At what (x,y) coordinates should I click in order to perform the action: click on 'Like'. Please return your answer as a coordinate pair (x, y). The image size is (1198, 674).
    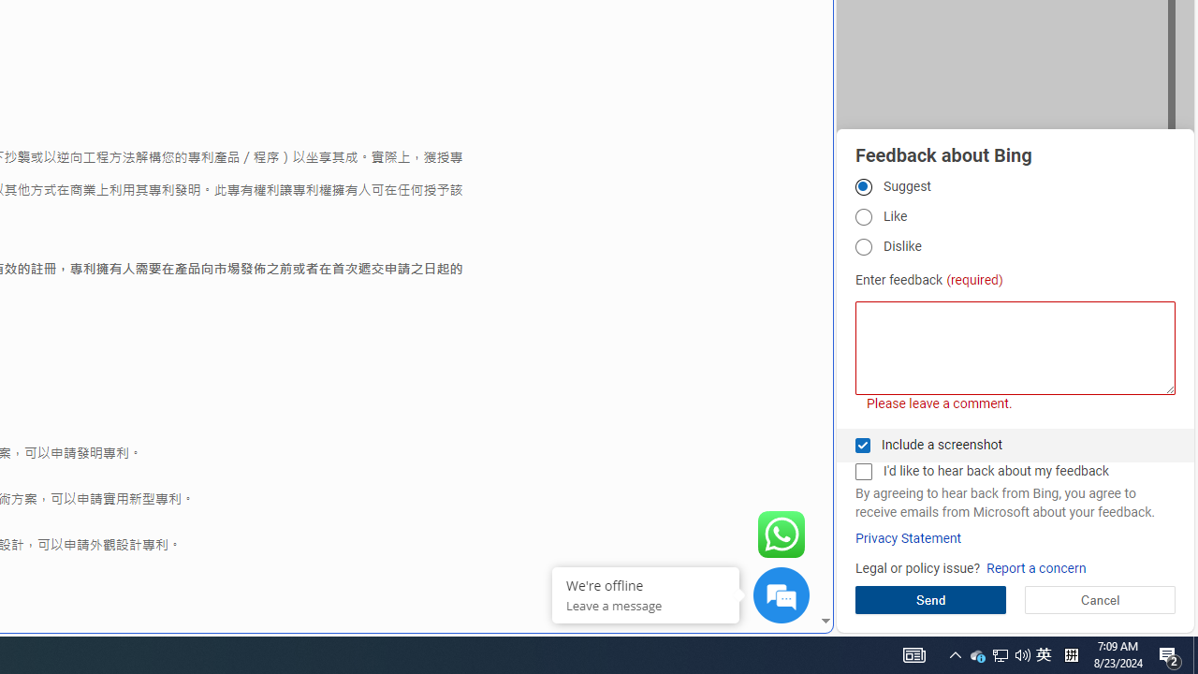
    Looking at the image, I should click on (862, 216).